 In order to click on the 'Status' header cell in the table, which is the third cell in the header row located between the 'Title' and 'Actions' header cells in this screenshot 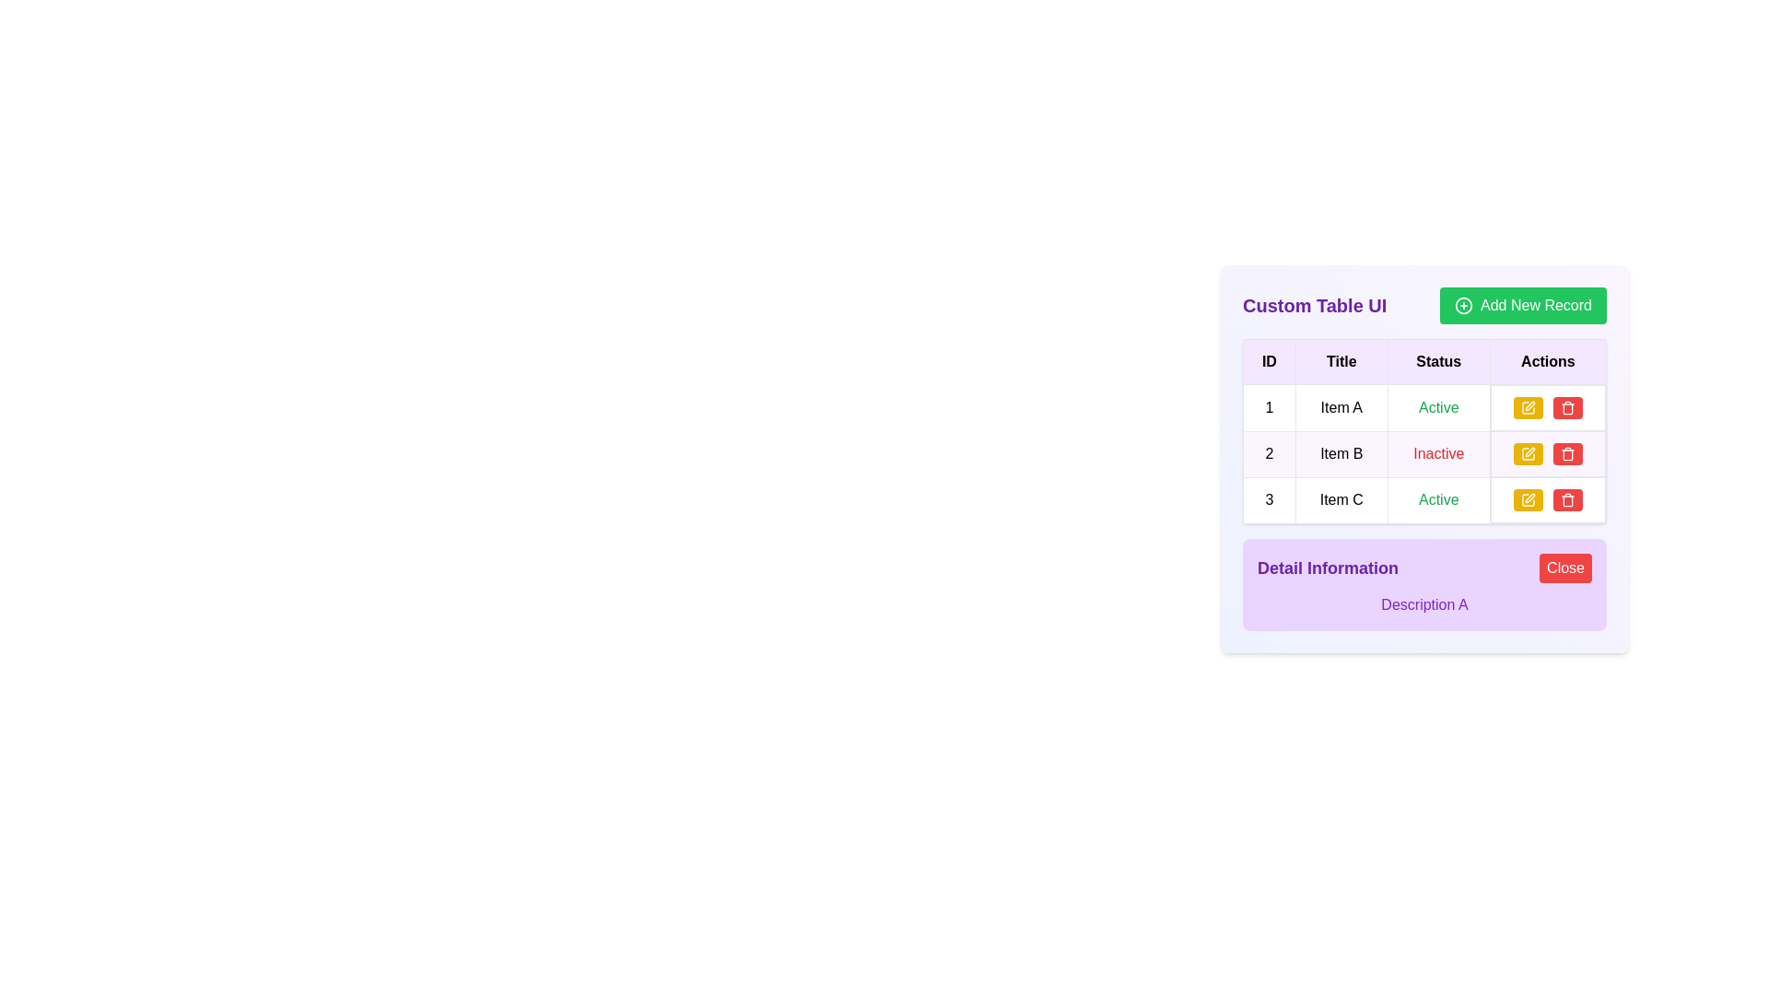, I will do `click(1437, 362)`.